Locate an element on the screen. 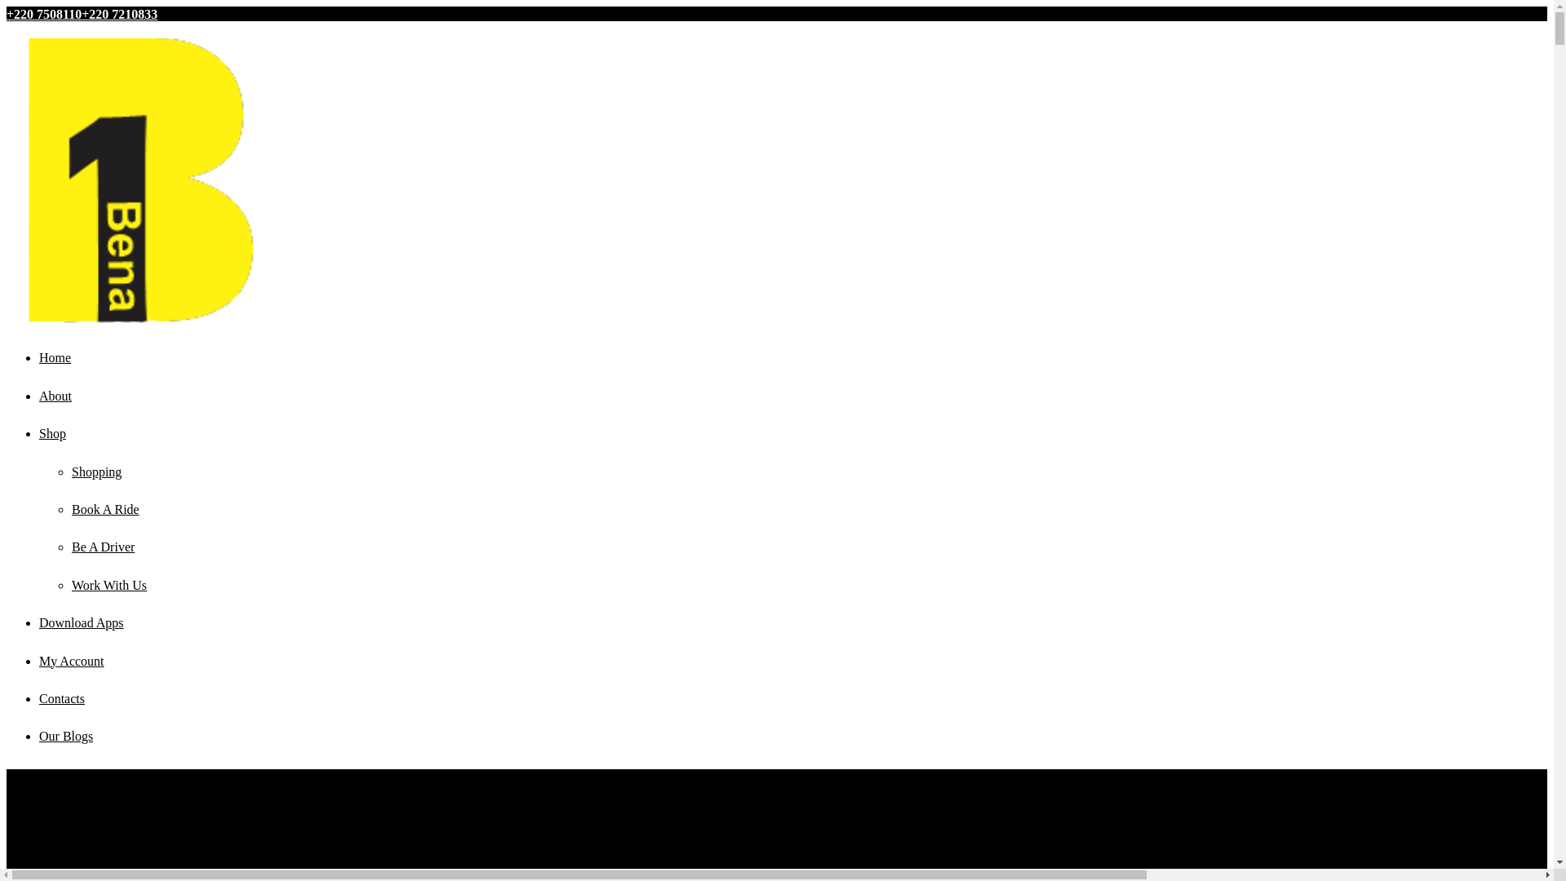 This screenshot has height=881, width=1566. 'My Account' is located at coordinates (39, 661).